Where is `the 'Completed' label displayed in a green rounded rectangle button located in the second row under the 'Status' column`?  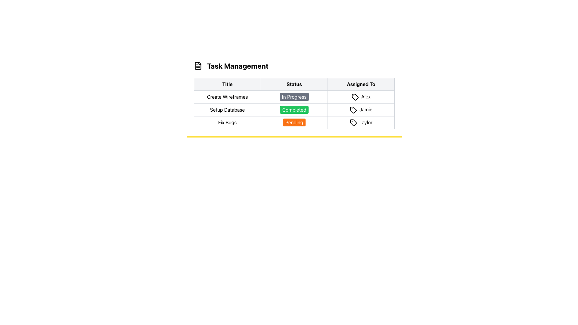
the 'Completed' label displayed in a green rounded rectangle button located in the second row under the 'Status' column is located at coordinates (294, 110).